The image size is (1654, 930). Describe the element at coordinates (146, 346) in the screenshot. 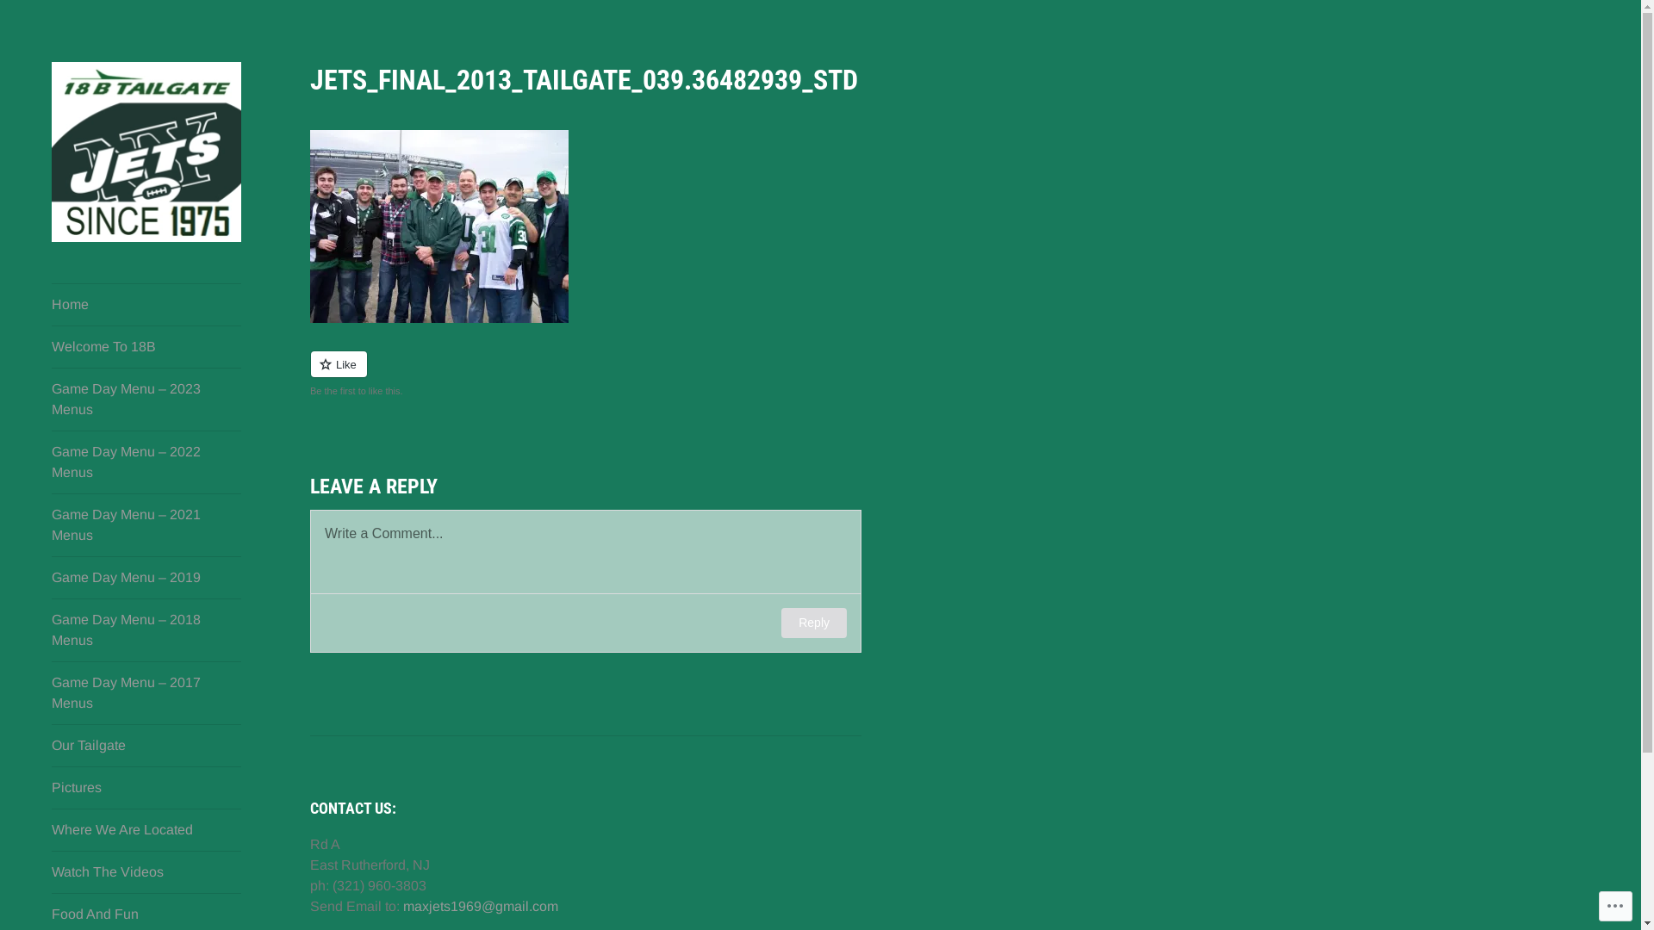

I see `'Welcome To 18B'` at that location.